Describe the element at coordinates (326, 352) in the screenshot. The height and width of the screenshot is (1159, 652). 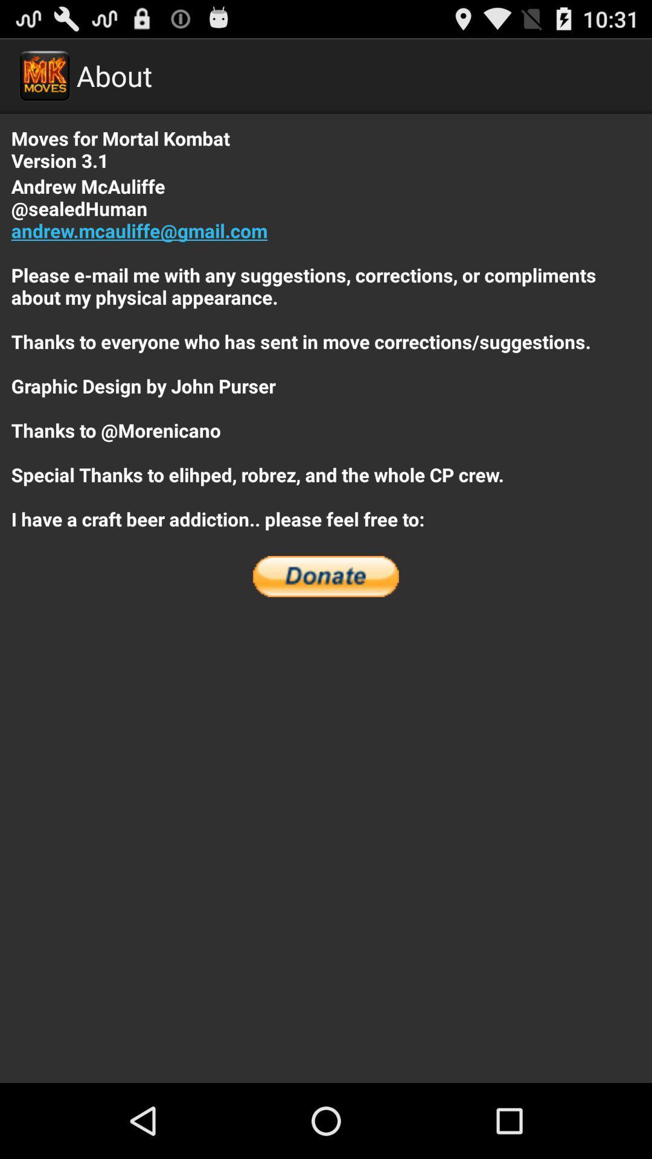
I see `app below moves for mortal icon` at that location.